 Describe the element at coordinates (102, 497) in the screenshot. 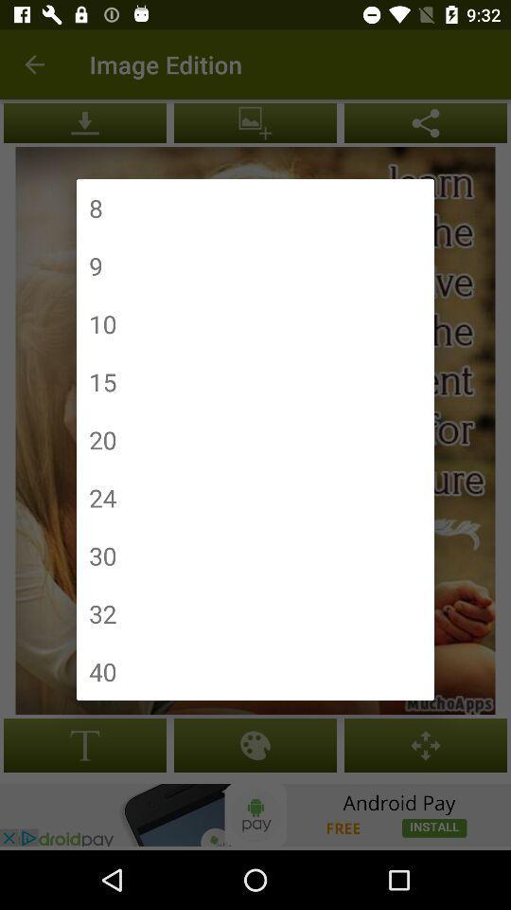

I see `24 item` at that location.